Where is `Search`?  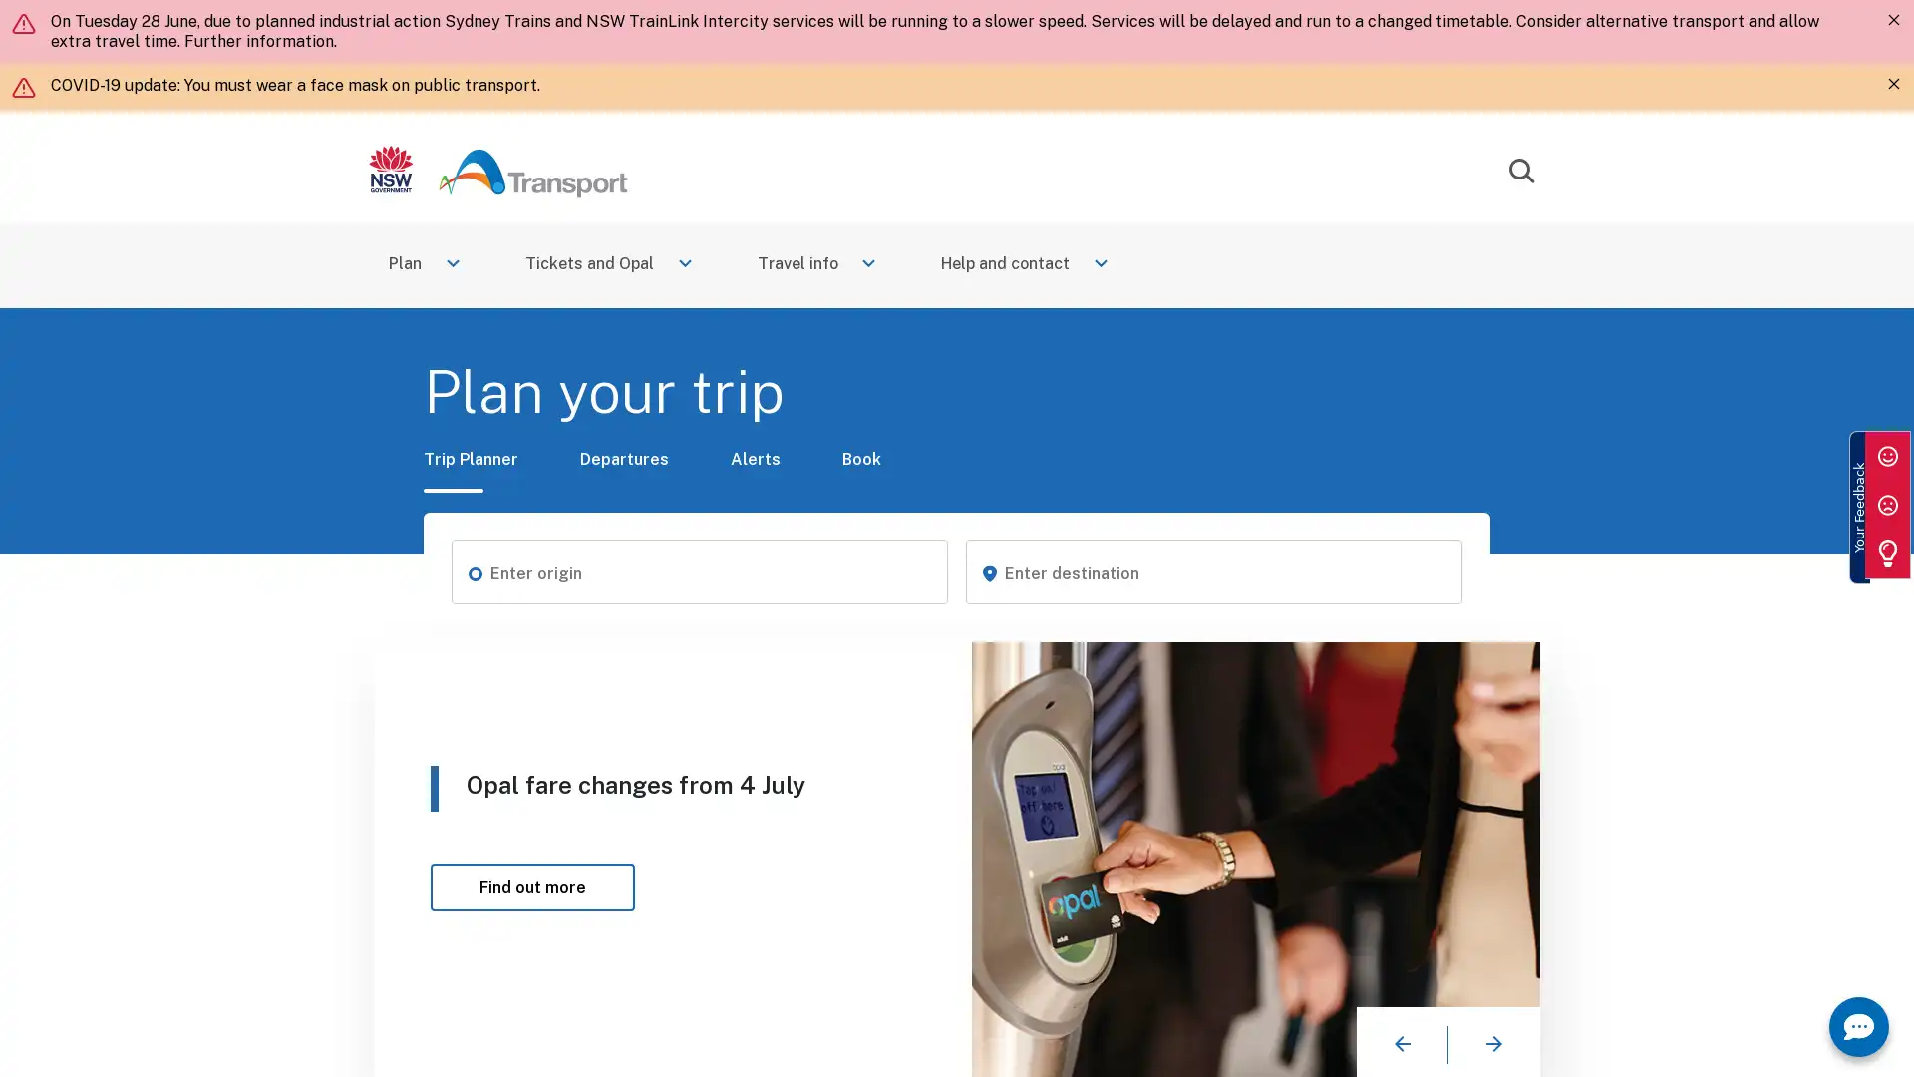
Search is located at coordinates (1520, 171).